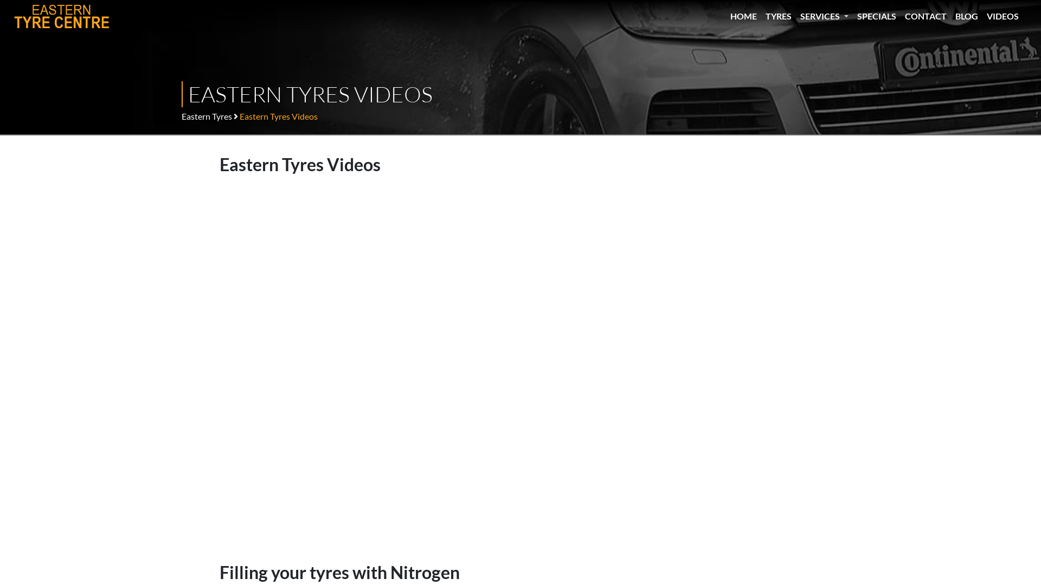 This screenshot has height=585, width=1041. What do you see at coordinates (881, 16) in the screenshot?
I see `'SPECIALS'` at bounding box center [881, 16].